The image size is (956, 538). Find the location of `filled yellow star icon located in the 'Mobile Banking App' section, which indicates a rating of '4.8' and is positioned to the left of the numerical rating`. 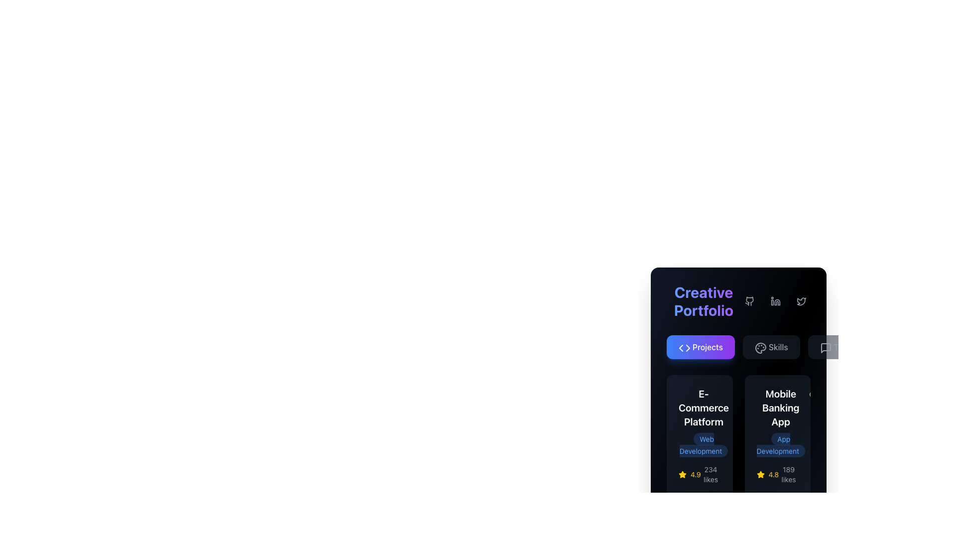

filled yellow star icon located in the 'Mobile Banking App' section, which indicates a rating of '4.8' and is positioned to the left of the numerical rating is located at coordinates (760, 474).